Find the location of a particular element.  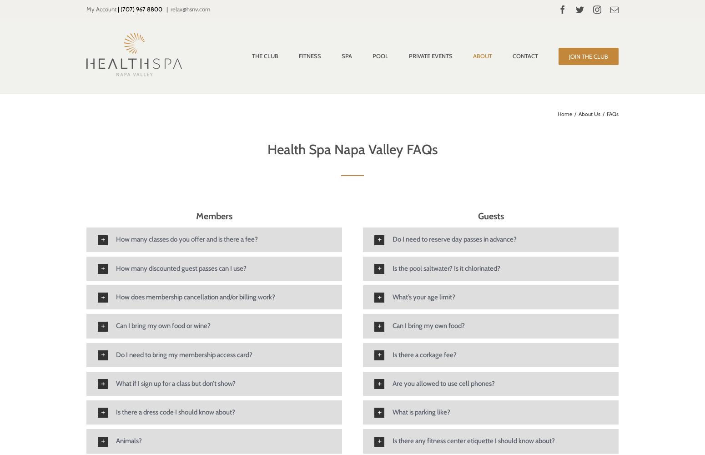

'LAP SWIMMING' is located at coordinates (400, 124).